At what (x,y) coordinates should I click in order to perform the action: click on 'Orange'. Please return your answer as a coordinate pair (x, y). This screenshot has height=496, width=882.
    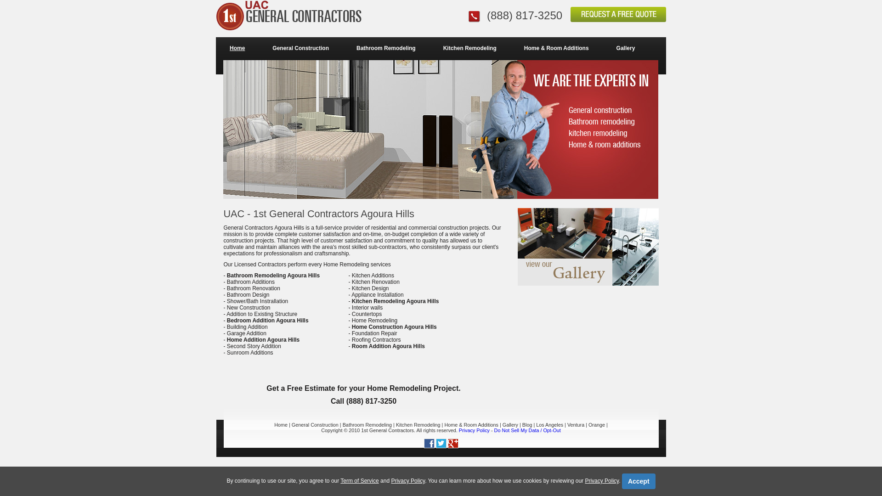
    Looking at the image, I should click on (588, 425).